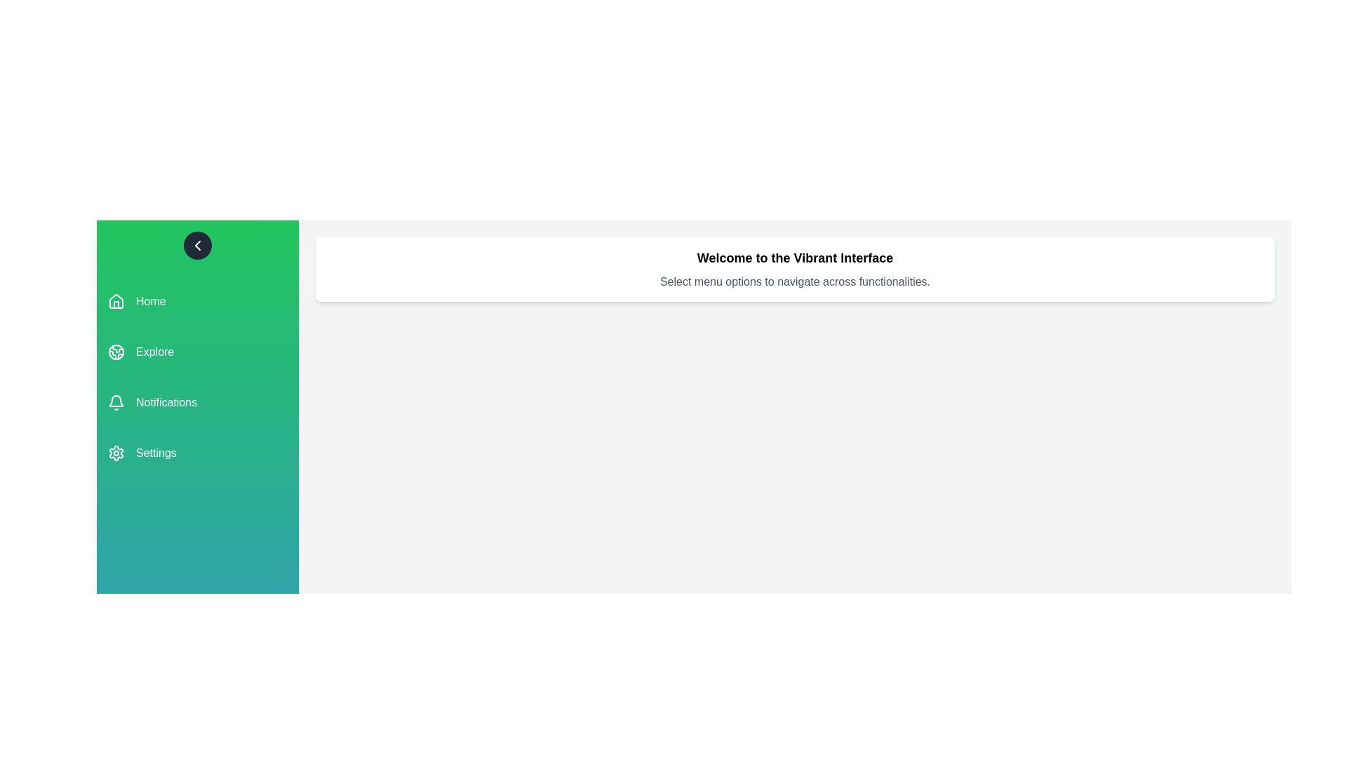 The height and width of the screenshot is (758, 1347). I want to click on the menu item Explore to navigate, so click(197, 351).